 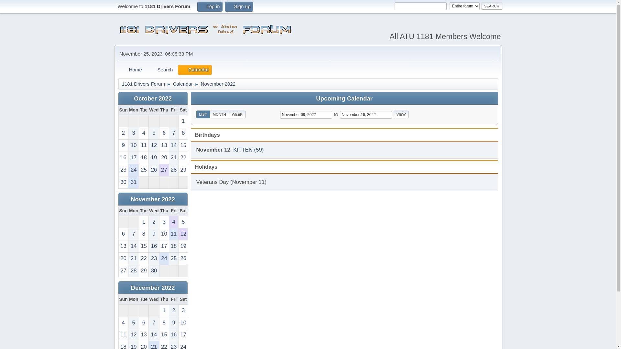 I want to click on '5', so click(x=153, y=133).